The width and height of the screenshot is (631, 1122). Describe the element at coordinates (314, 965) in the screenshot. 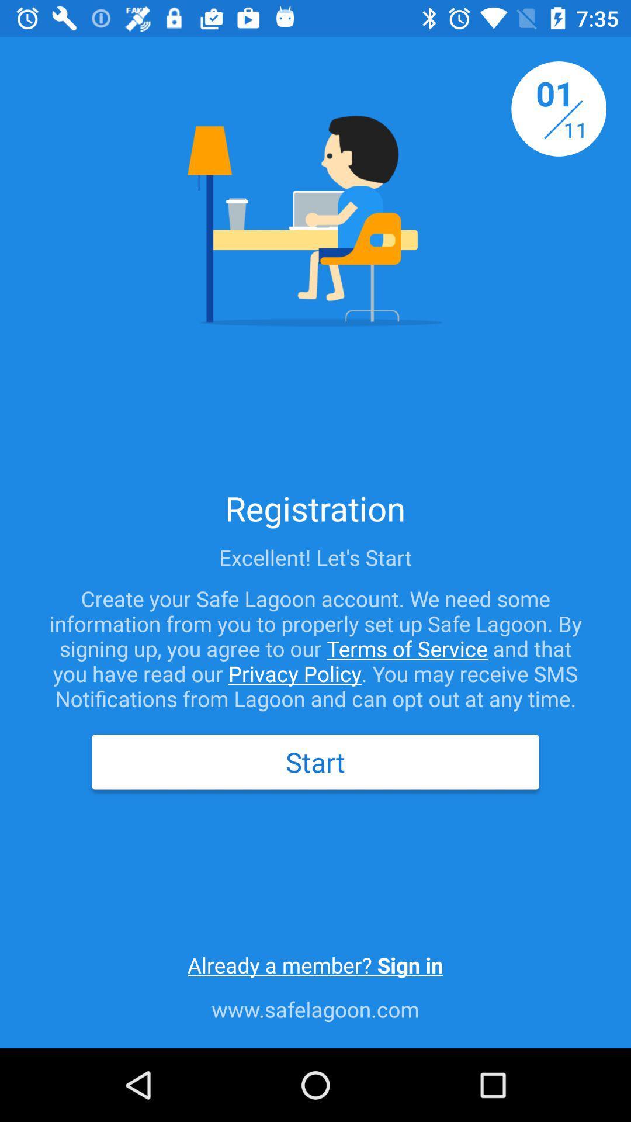

I see `the already a member icon` at that location.